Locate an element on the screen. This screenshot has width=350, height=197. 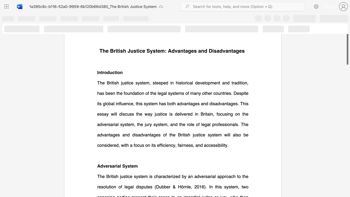
the subset text "trodu" within the text "Introduction" is located at coordinates (101, 72).